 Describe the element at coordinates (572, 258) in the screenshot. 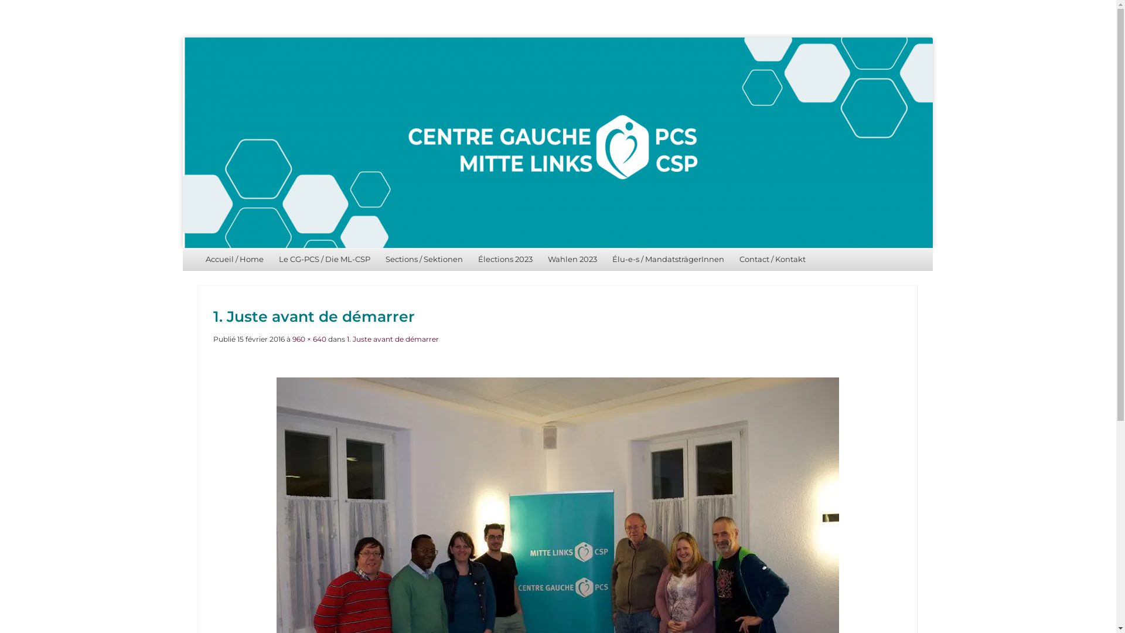

I see `'Wahlen 2023'` at that location.